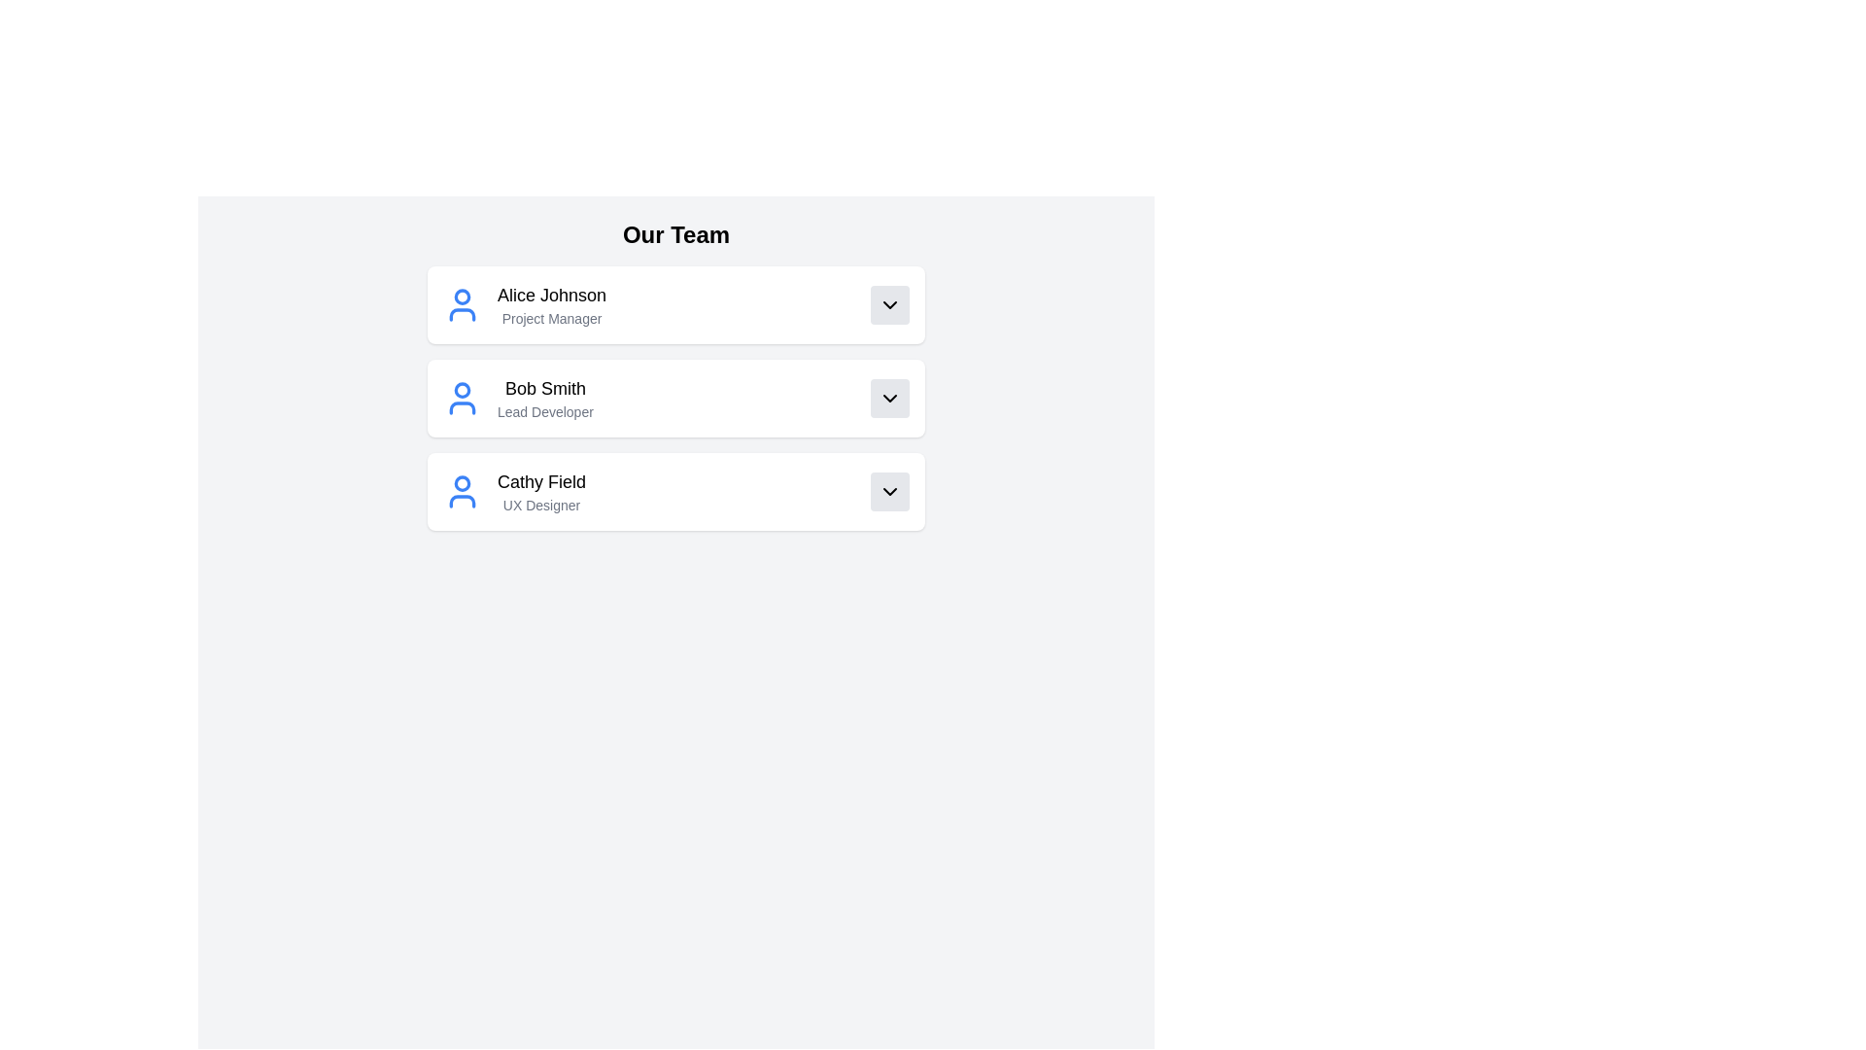 The height and width of the screenshot is (1050, 1866). Describe the element at coordinates (551, 304) in the screenshot. I see `text label displaying the name and role of a team member located in the first row under the 'Our Team' heading, to the right of the user icon` at that location.